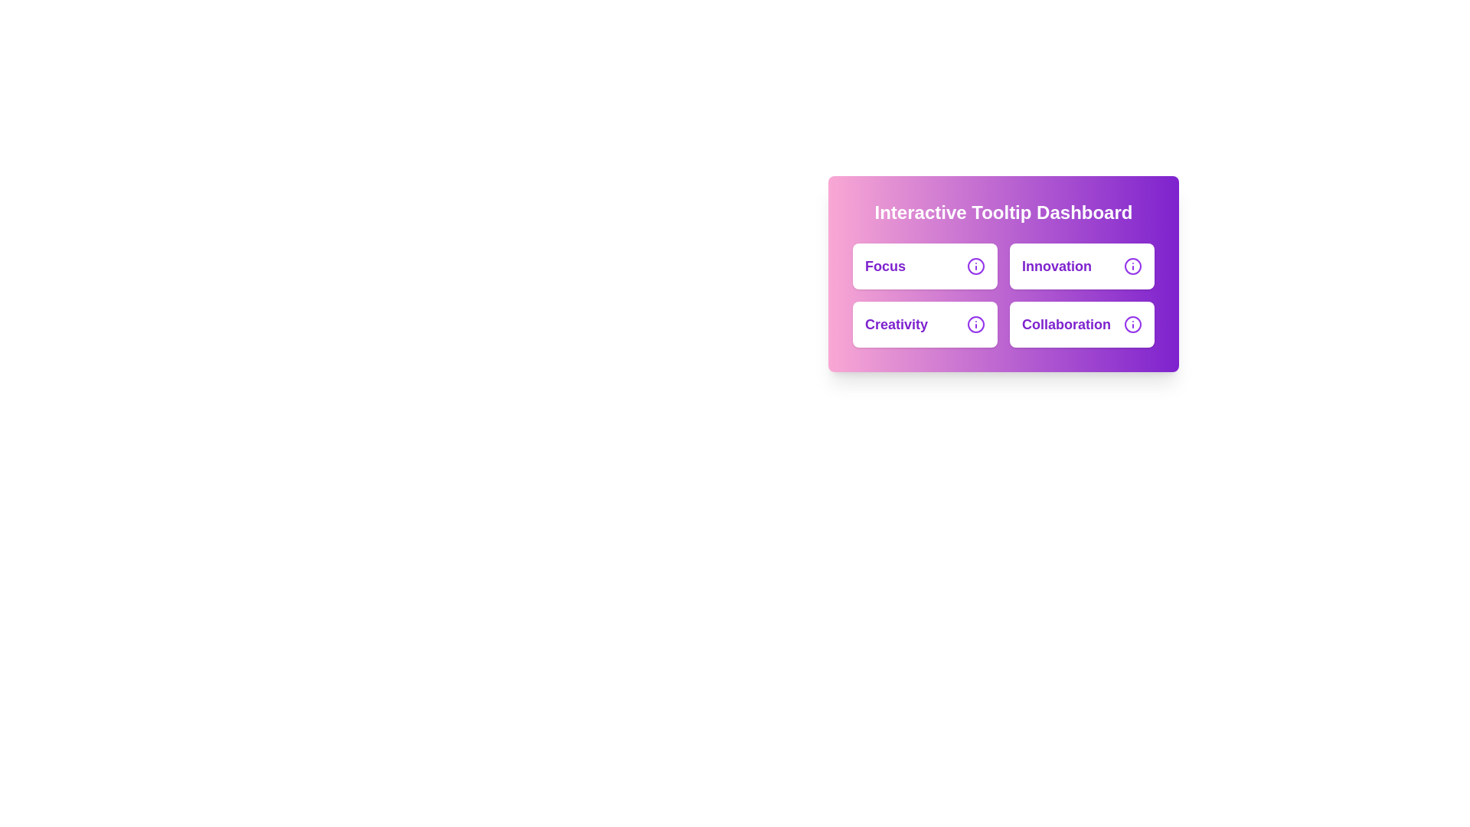 The height and width of the screenshot is (827, 1470). What do you see at coordinates (1132, 324) in the screenshot?
I see `the information icon located to the right of the 'Collaboration' text in the bottom-right quadrant of the tooltip dashboard` at bounding box center [1132, 324].